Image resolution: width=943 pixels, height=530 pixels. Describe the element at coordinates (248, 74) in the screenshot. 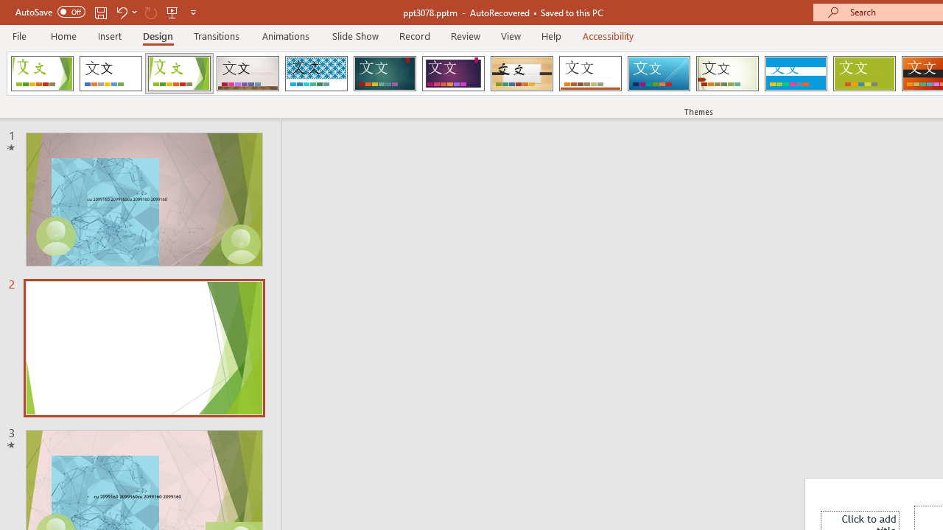

I see `'Gallery'` at that location.